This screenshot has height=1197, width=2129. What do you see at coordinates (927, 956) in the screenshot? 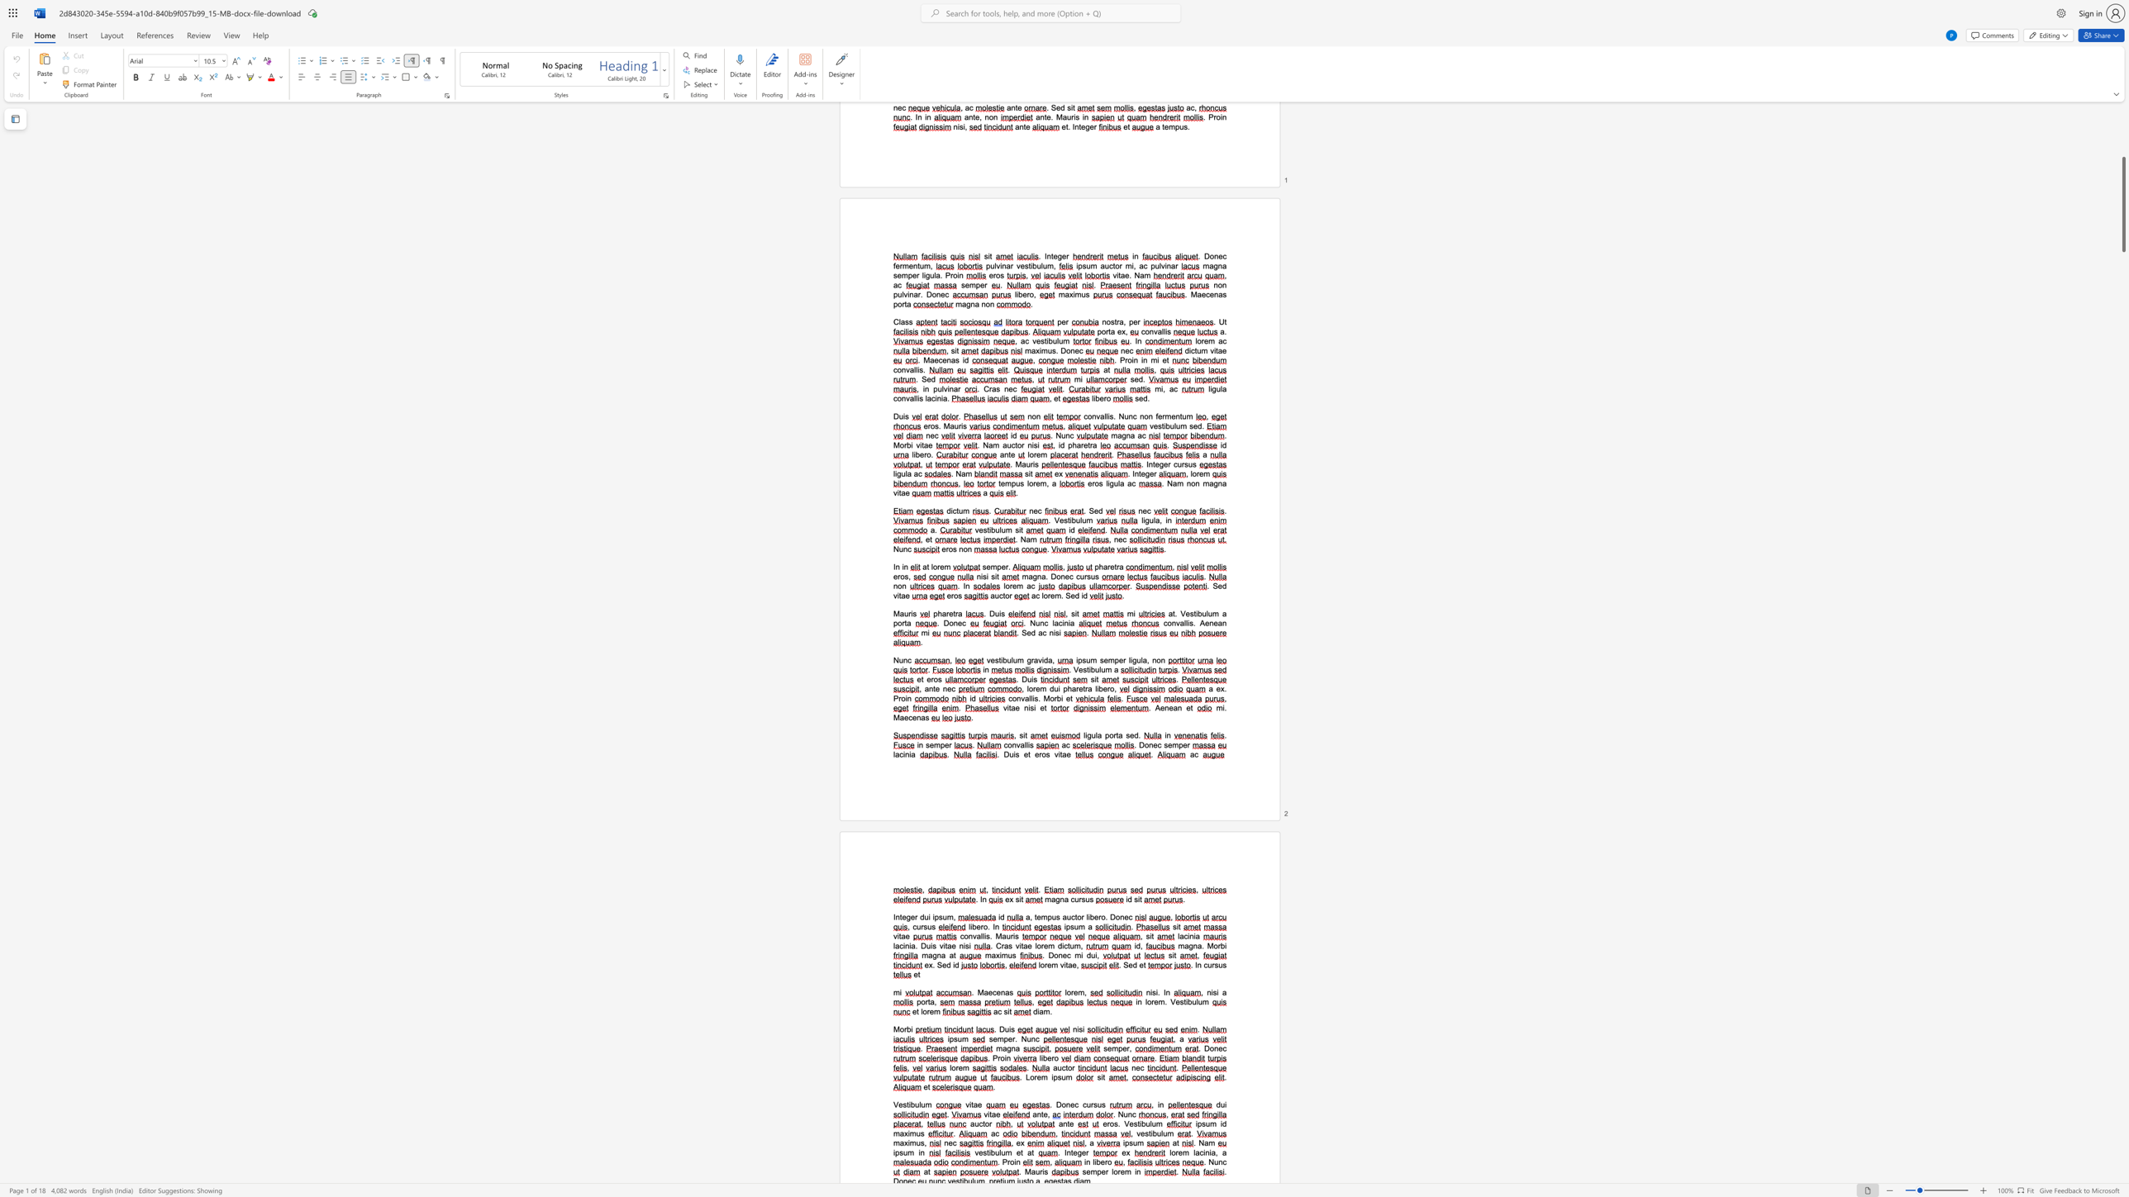
I see `the space between the continuous character "m" and "a" in the text` at bounding box center [927, 956].